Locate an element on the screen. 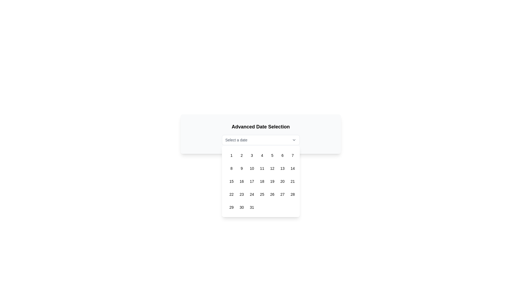 This screenshot has height=292, width=519. the selectable day button for day 20 in the date picker, located in the third row and sixth column of the grid is located at coordinates (282, 181).